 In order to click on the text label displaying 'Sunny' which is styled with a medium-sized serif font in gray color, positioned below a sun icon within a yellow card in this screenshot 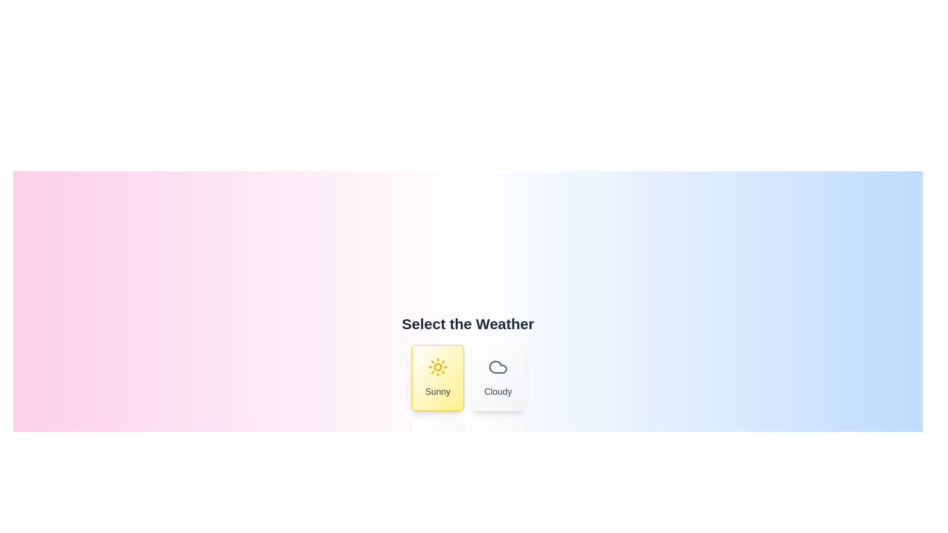, I will do `click(437, 391)`.